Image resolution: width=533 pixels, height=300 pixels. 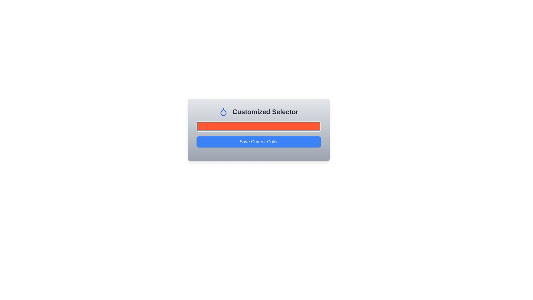 What do you see at coordinates (223, 112) in the screenshot?
I see `the blue drop-like icon located in the header area, next to the text 'Customized Selector'` at bounding box center [223, 112].